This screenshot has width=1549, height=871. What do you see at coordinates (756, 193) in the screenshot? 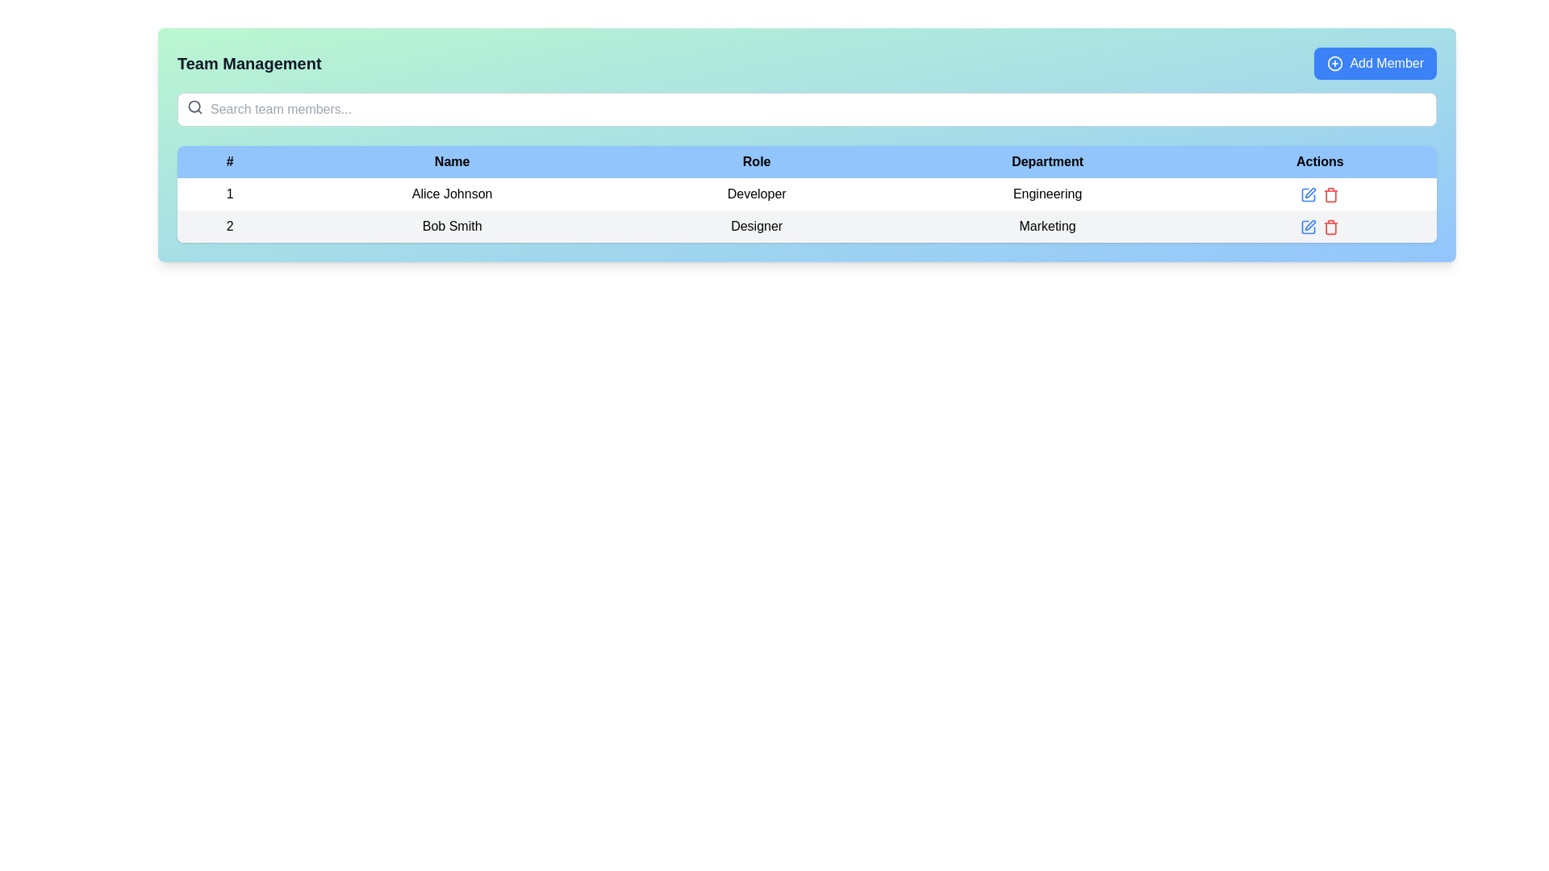
I see `the 'Developer' text label located in the 'Role' column of the first row of the table under the 'Team Management' header` at bounding box center [756, 193].